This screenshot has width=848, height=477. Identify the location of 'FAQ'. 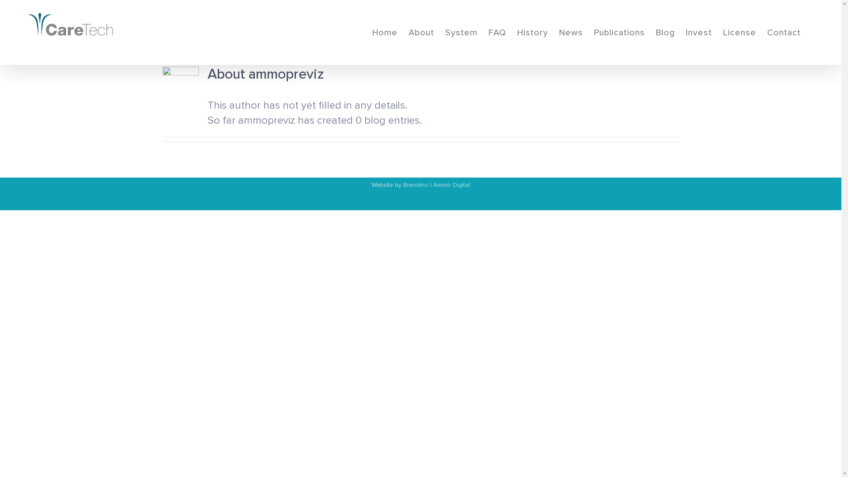
(497, 32).